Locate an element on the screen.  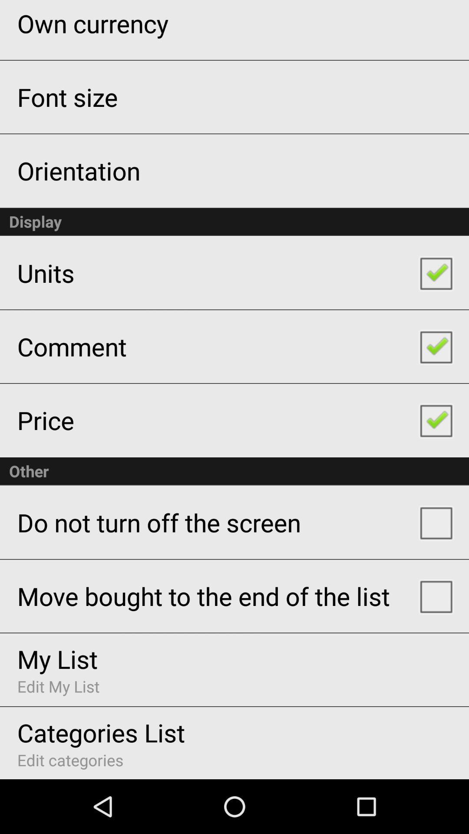
categories list icon is located at coordinates (100, 732).